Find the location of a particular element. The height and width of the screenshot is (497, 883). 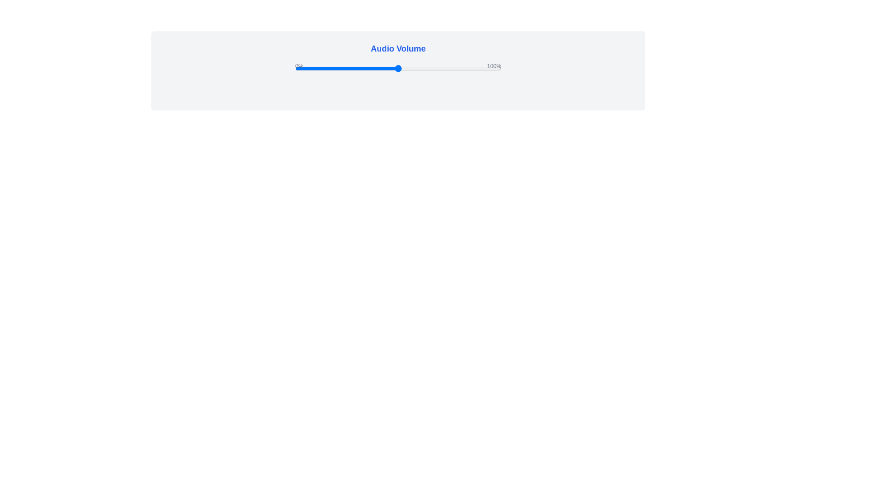

the volume is located at coordinates (499, 68).